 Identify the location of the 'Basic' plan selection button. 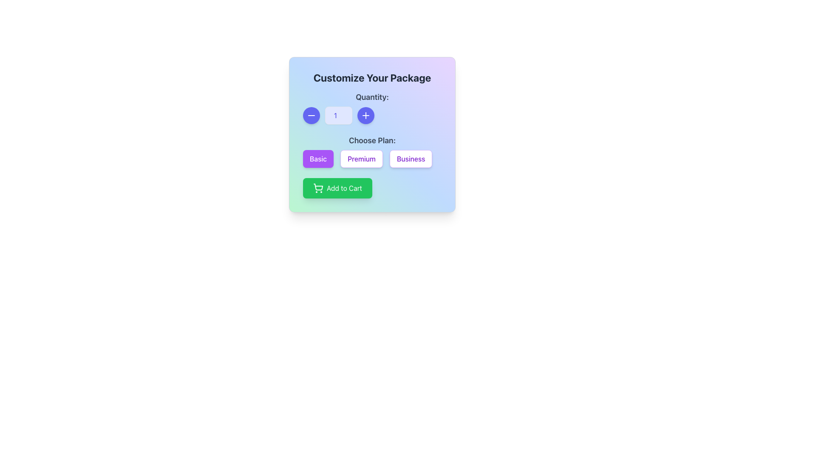
(317, 159).